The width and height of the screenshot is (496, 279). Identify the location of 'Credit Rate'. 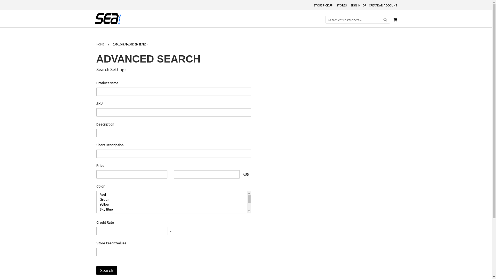
(96, 231).